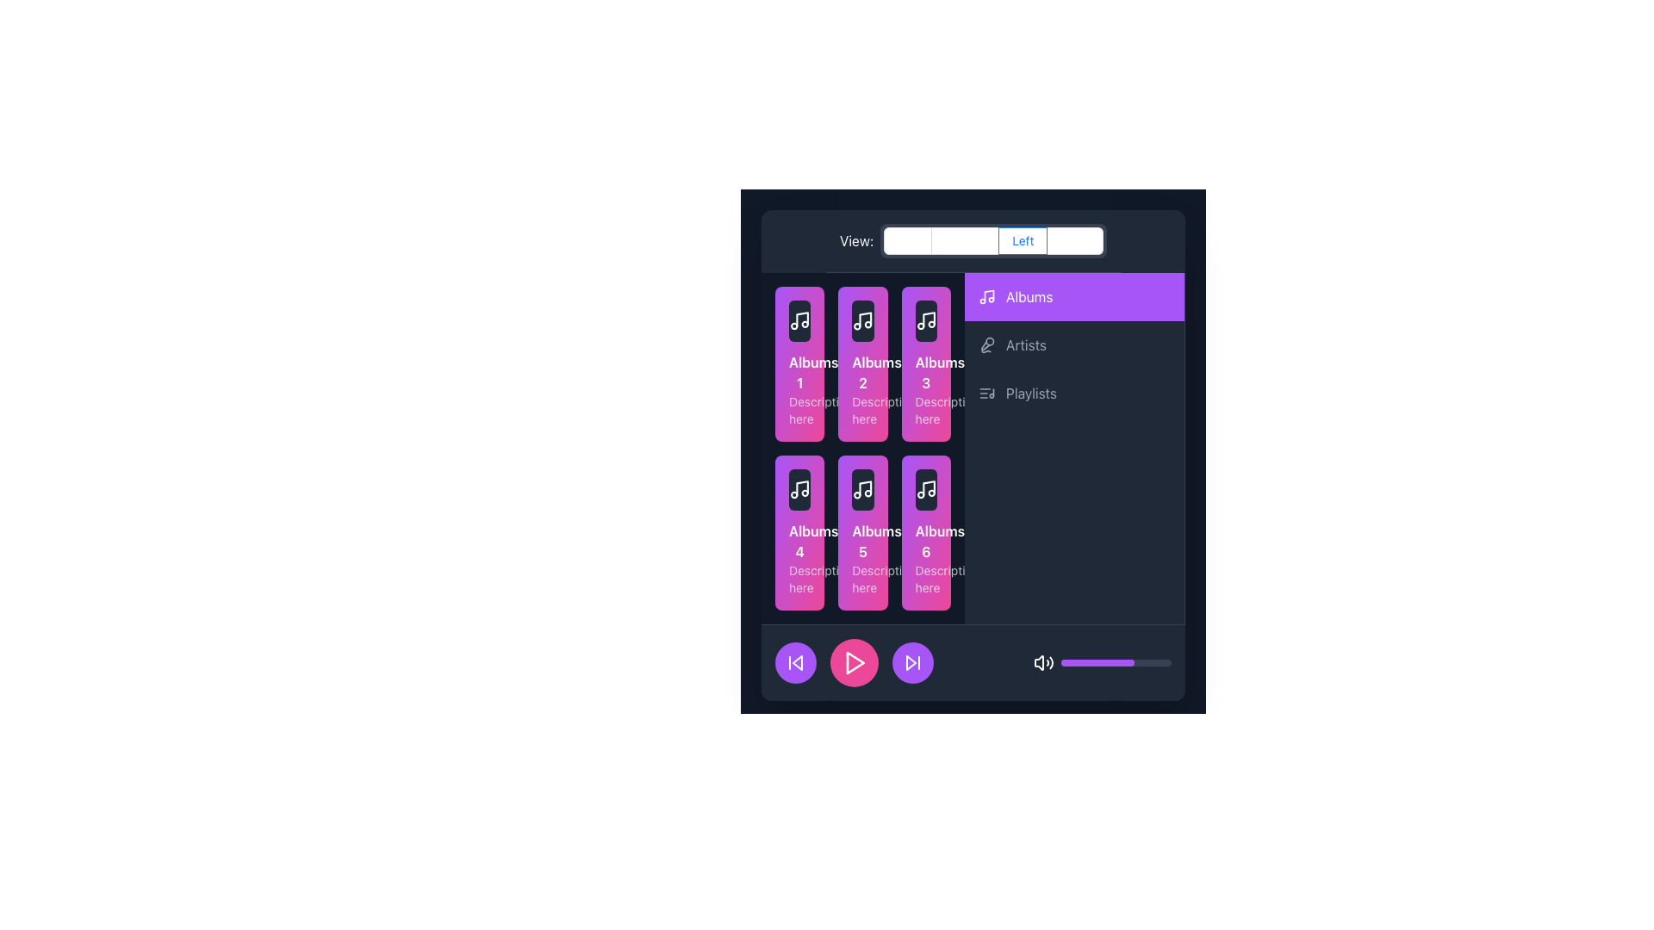 The image size is (1654, 930). I want to click on the second circular button with a pink background and a white 'Play' icon in its center to play media, so click(855, 662).